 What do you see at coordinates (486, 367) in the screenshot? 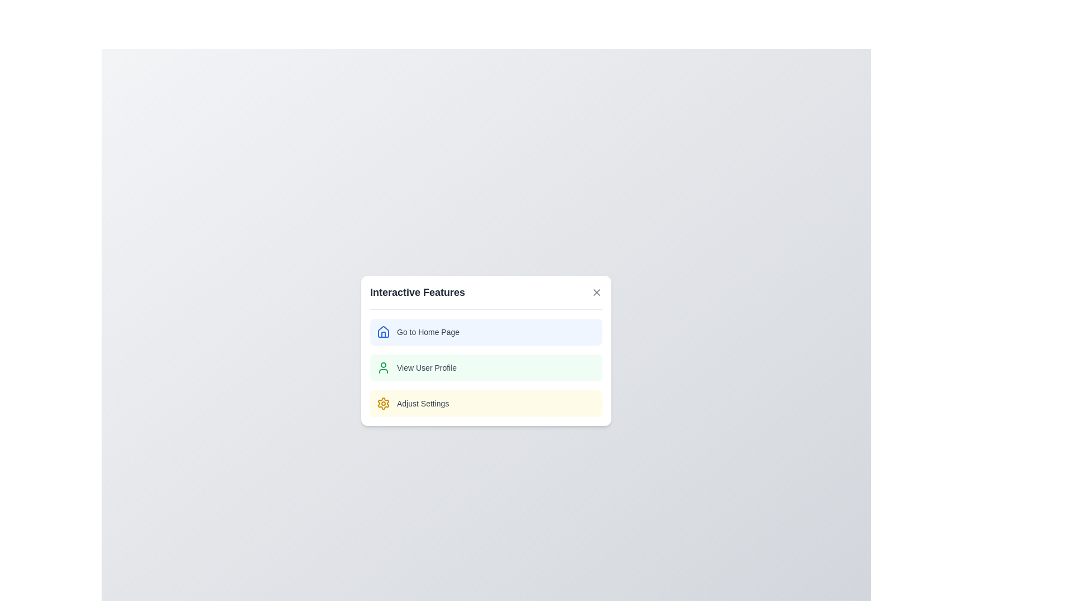
I see `the second item in the 'Interactive Features' panel` at bounding box center [486, 367].